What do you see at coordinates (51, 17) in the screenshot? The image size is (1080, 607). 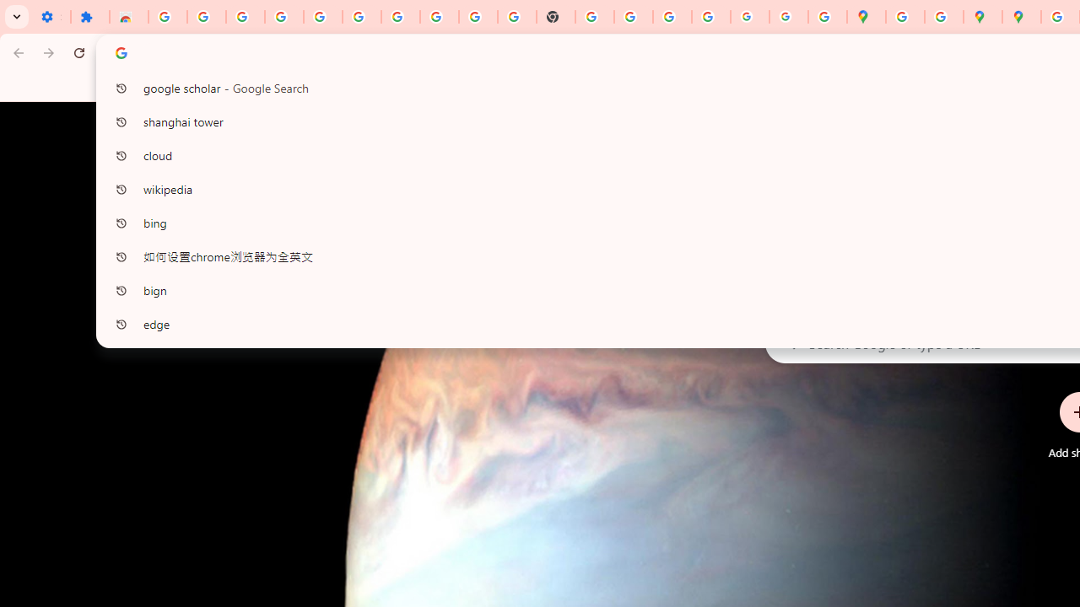 I see `'Settings - On startup'` at bounding box center [51, 17].